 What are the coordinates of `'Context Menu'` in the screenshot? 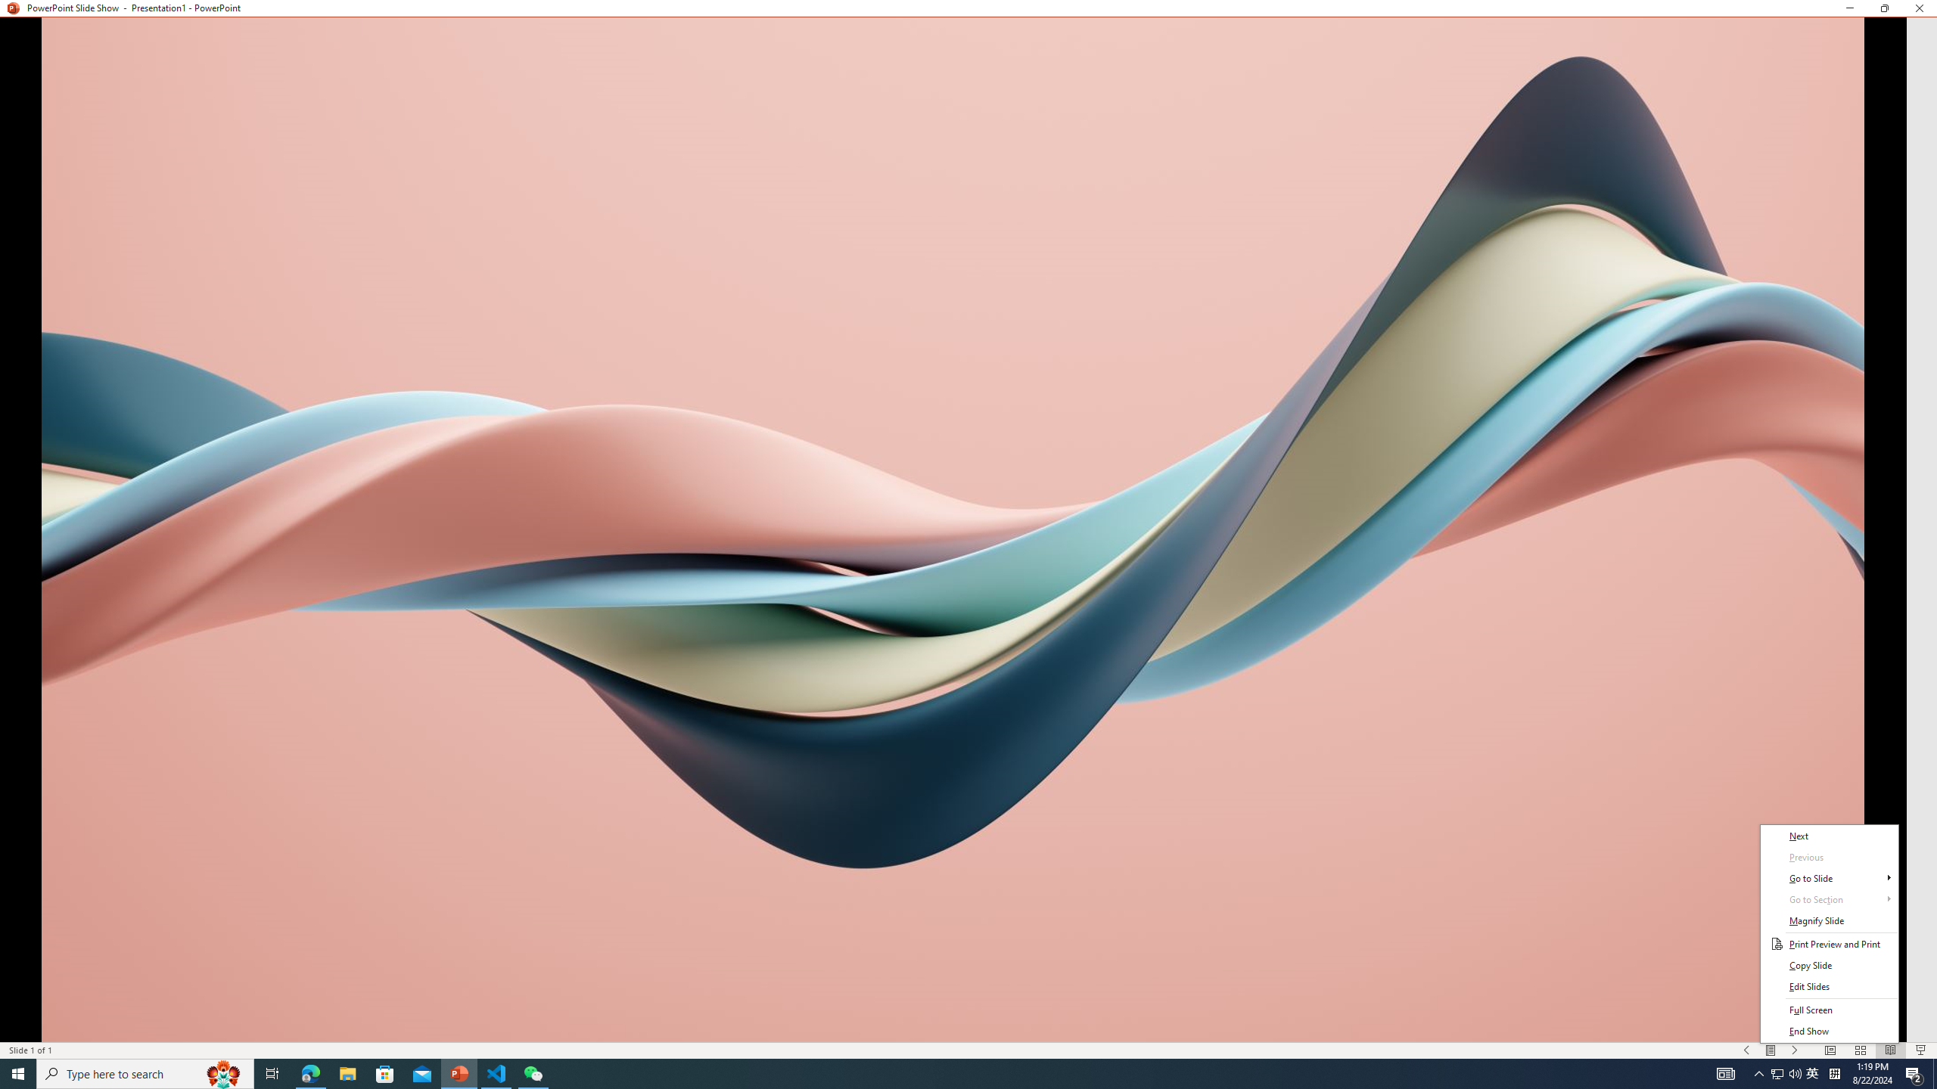 It's located at (1829, 932).